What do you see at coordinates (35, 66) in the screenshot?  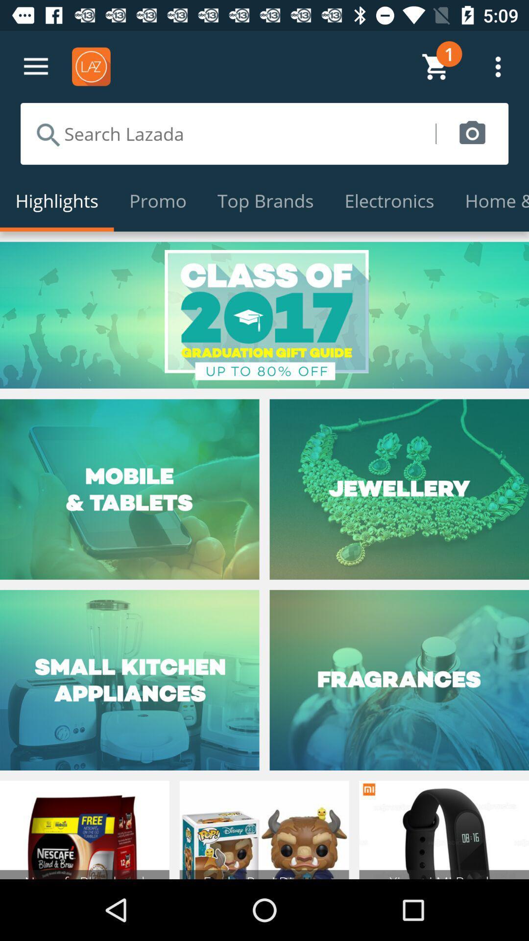 I see `open up menu` at bounding box center [35, 66].